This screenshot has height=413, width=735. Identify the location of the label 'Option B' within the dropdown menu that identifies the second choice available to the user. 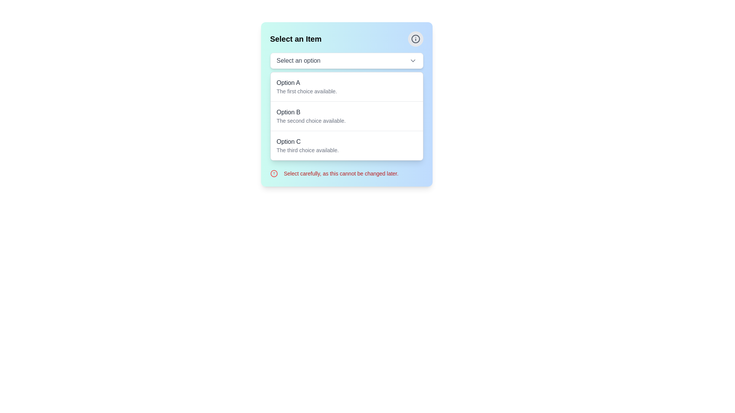
(288, 112).